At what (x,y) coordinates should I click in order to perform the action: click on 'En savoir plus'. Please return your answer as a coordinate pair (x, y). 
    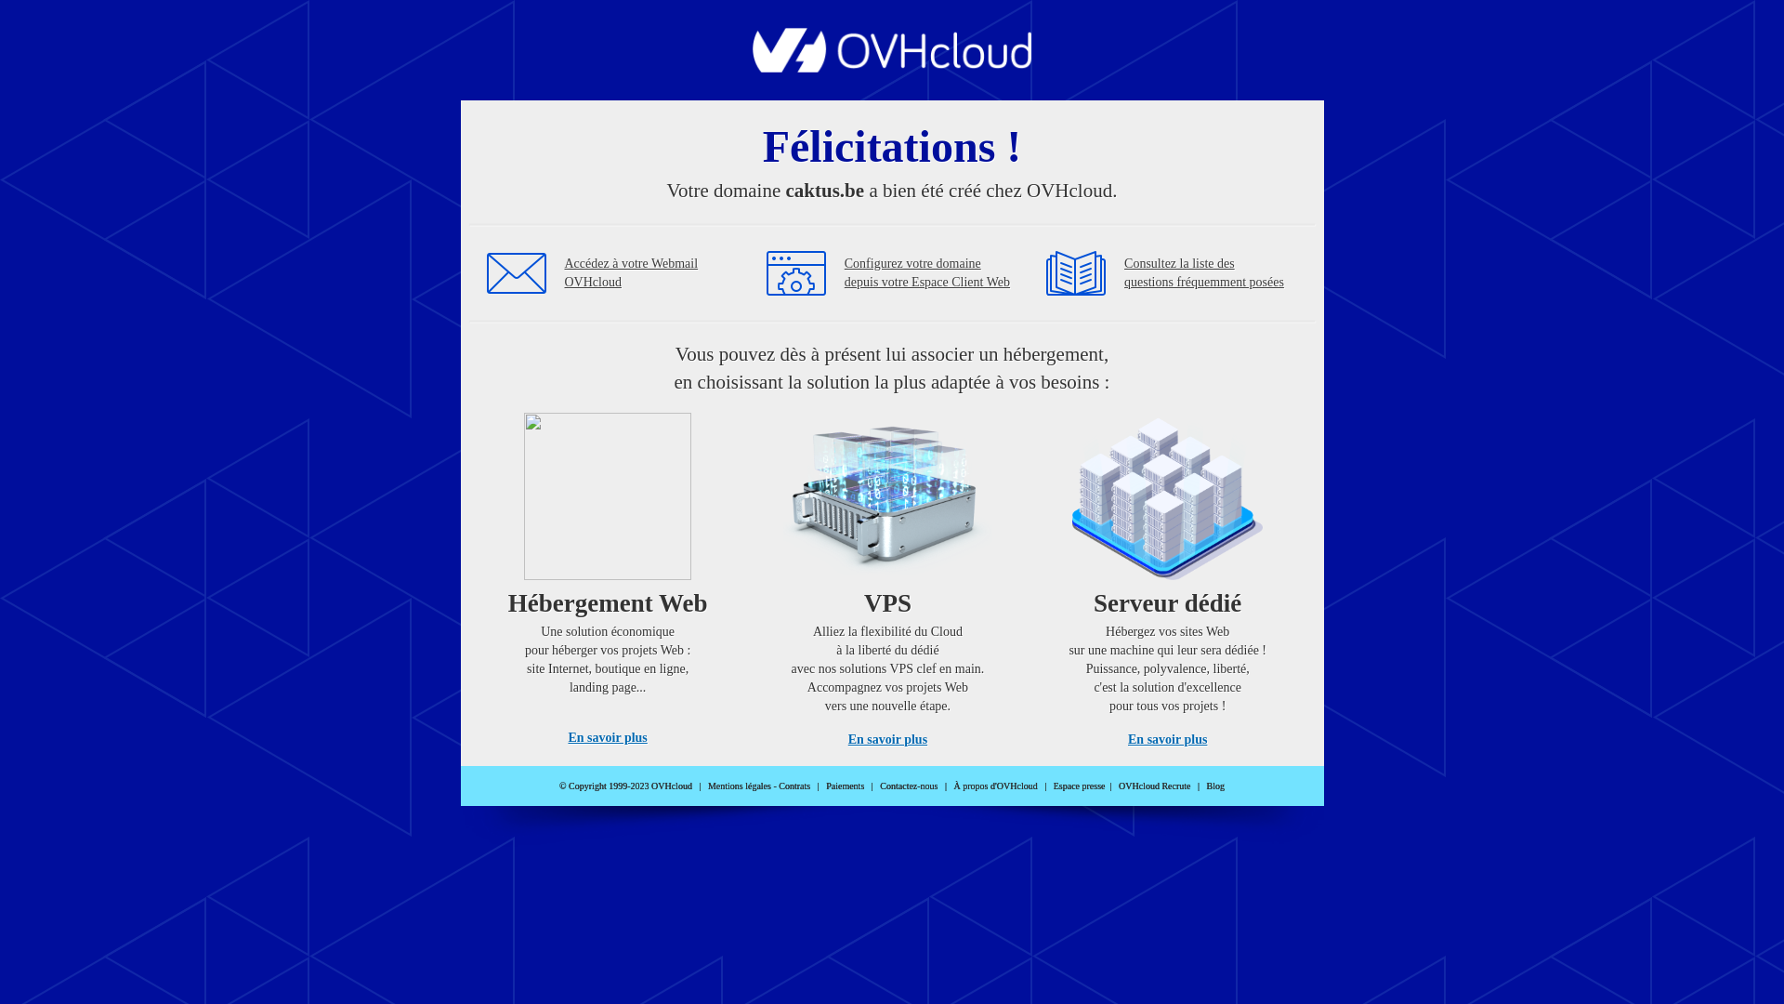
    Looking at the image, I should click on (846, 738).